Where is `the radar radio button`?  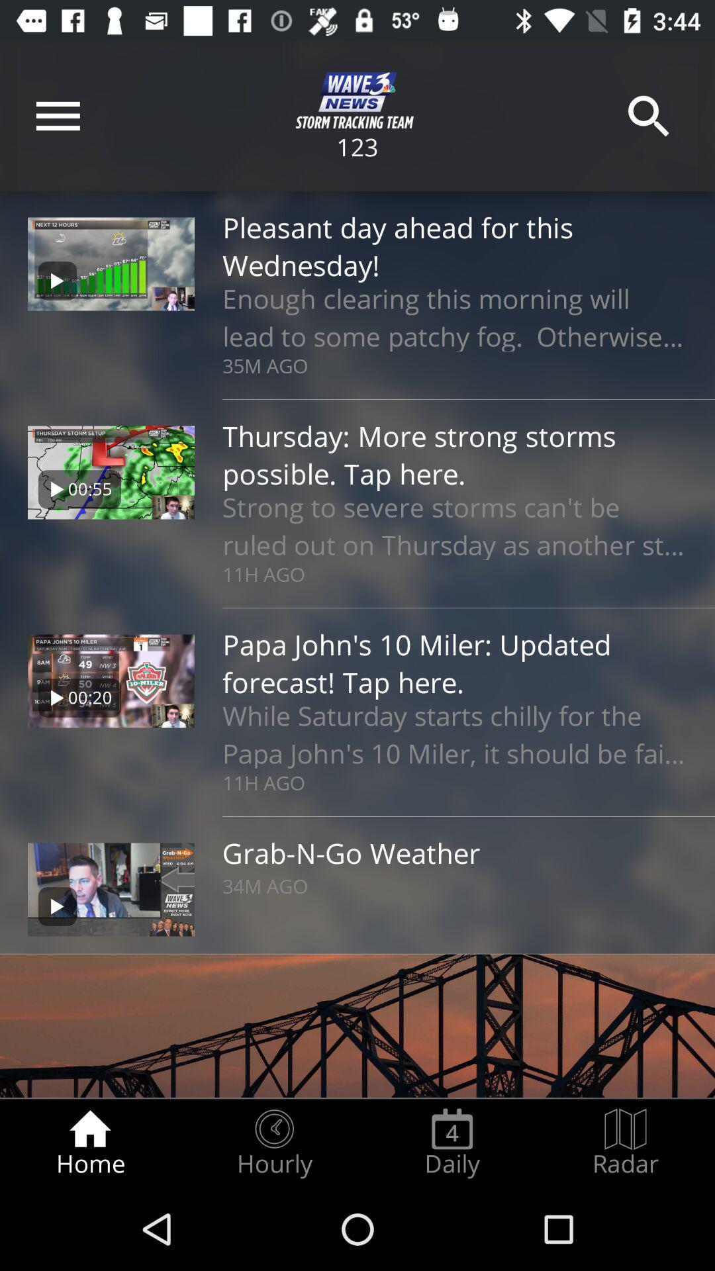
the radar radio button is located at coordinates (626, 1143).